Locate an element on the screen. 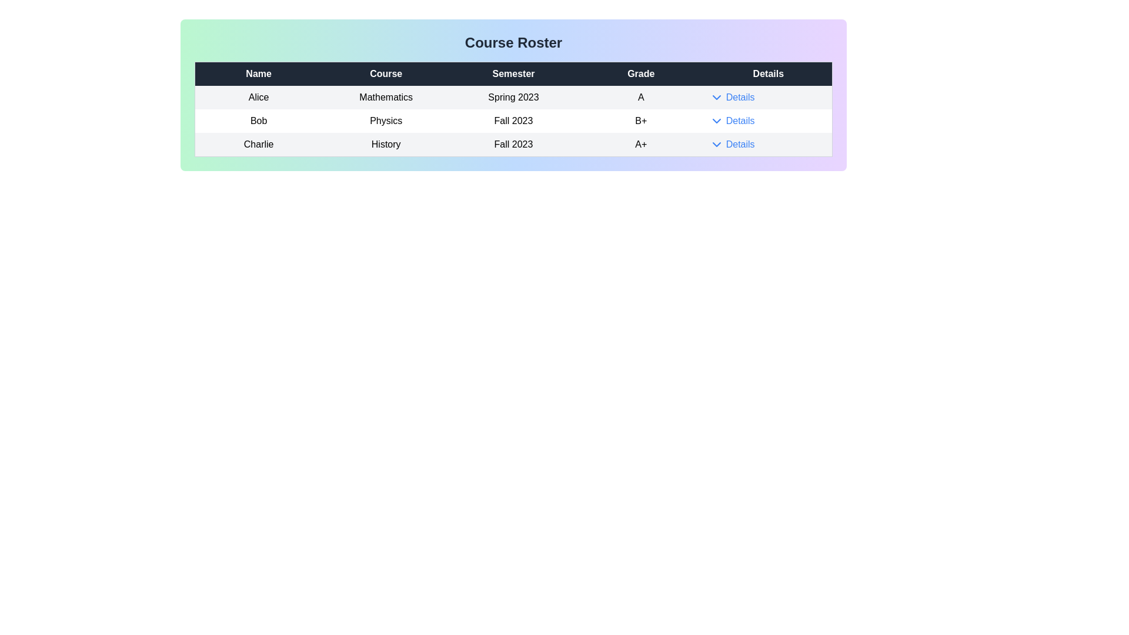 The width and height of the screenshot is (1129, 635). the downward-pointing chevron icon with a blue outline located to the left of the 'Details' text in the first row of the course roster table is located at coordinates (716, 96).